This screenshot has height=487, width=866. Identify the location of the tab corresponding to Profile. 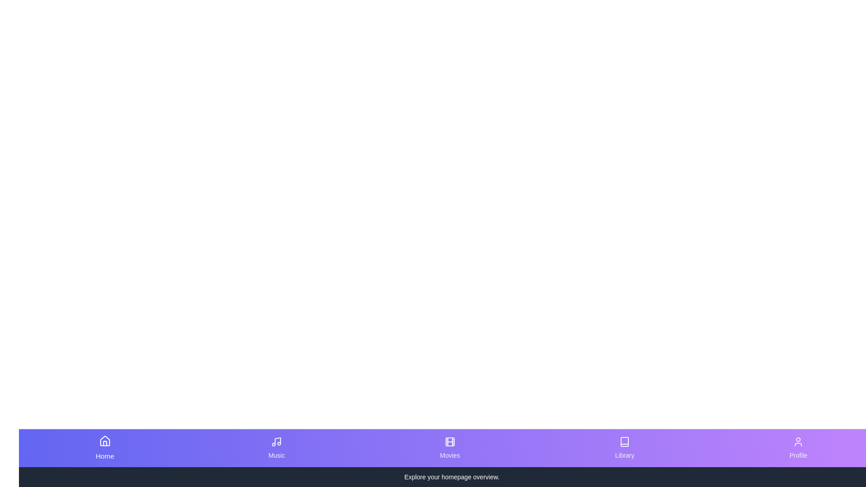
(798, 448).